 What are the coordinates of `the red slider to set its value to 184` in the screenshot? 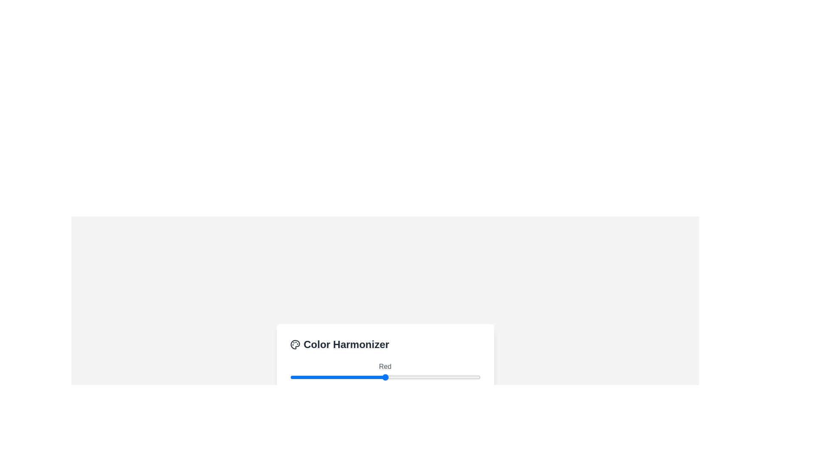 It's located at (427, 377).